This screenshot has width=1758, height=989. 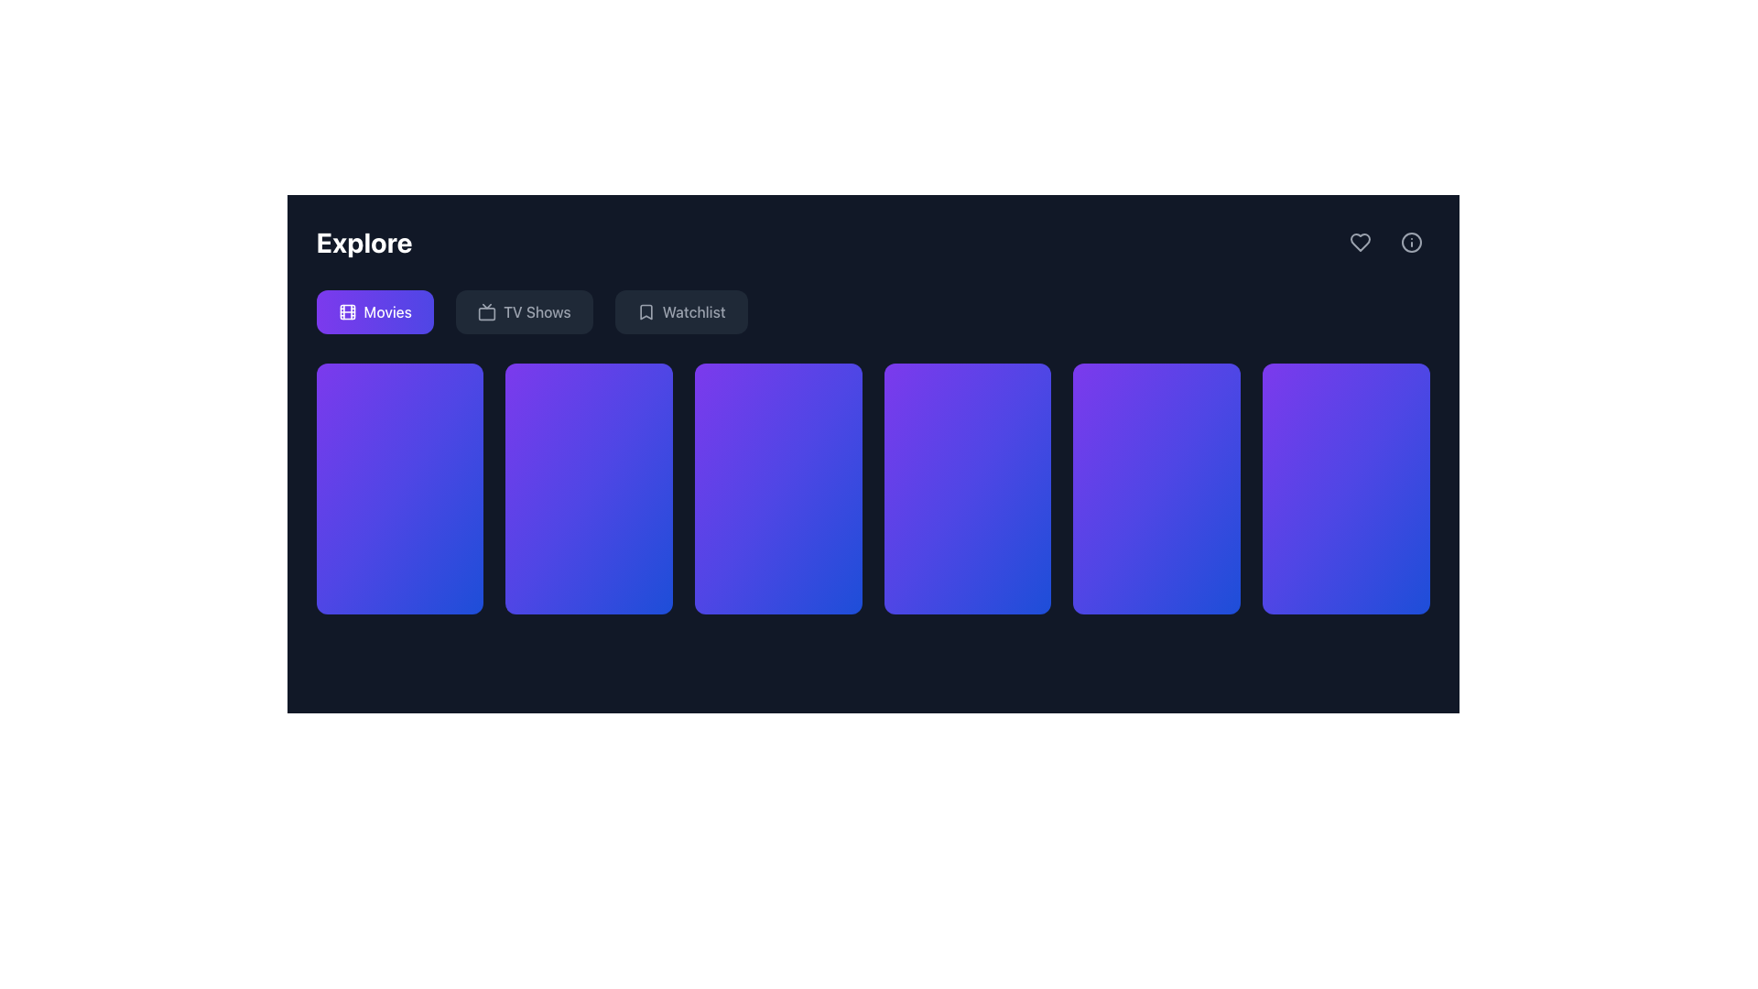 What do you see at coordinates (487, 310) in the screenshot?
I see `the television icon located to the left of the 'TV Shows' label, which features a simplistic gray design against a dark background` at bounding box center [487, 310].